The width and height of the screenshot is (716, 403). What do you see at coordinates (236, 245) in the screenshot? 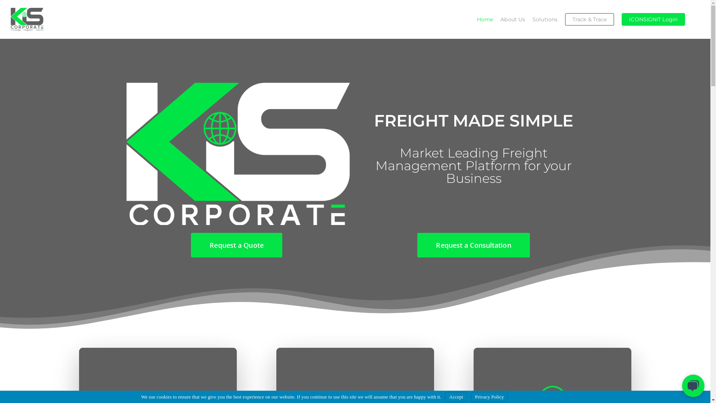
I see `'Request a Quote'` at bounding box center [236, 245].